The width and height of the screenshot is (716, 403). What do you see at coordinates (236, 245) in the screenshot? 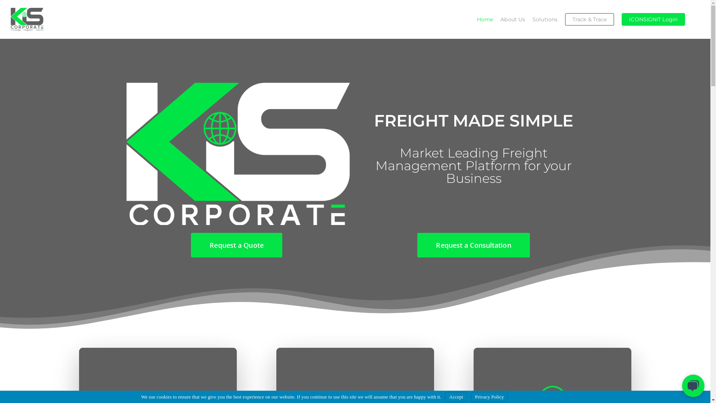
I see `'Request a Quote'` at bounding box center [236, 245].